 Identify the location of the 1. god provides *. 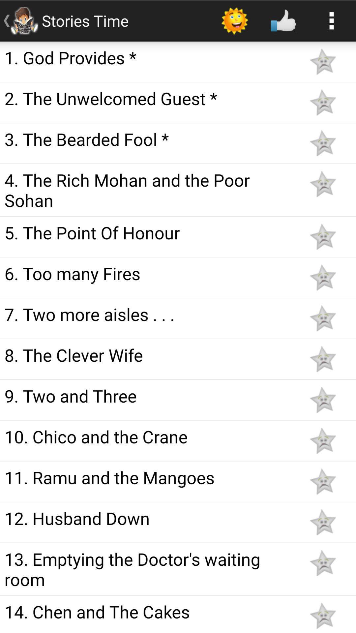
(149, 57).